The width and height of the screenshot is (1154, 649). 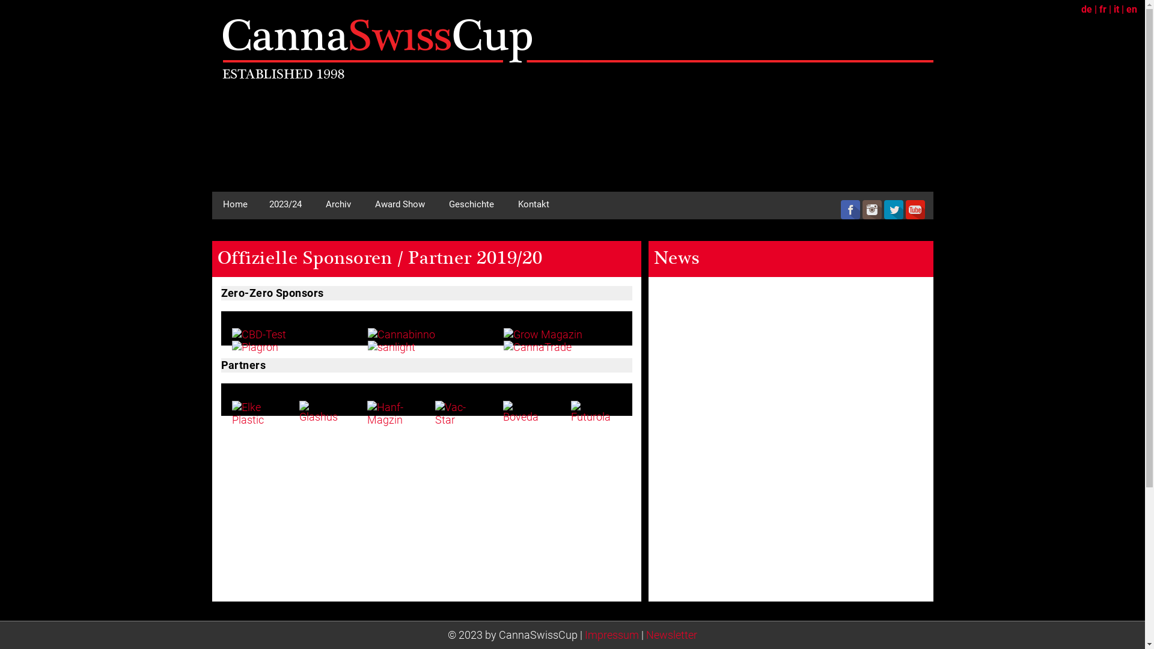 I want to click on 'it', so click(x=1116, y=9).